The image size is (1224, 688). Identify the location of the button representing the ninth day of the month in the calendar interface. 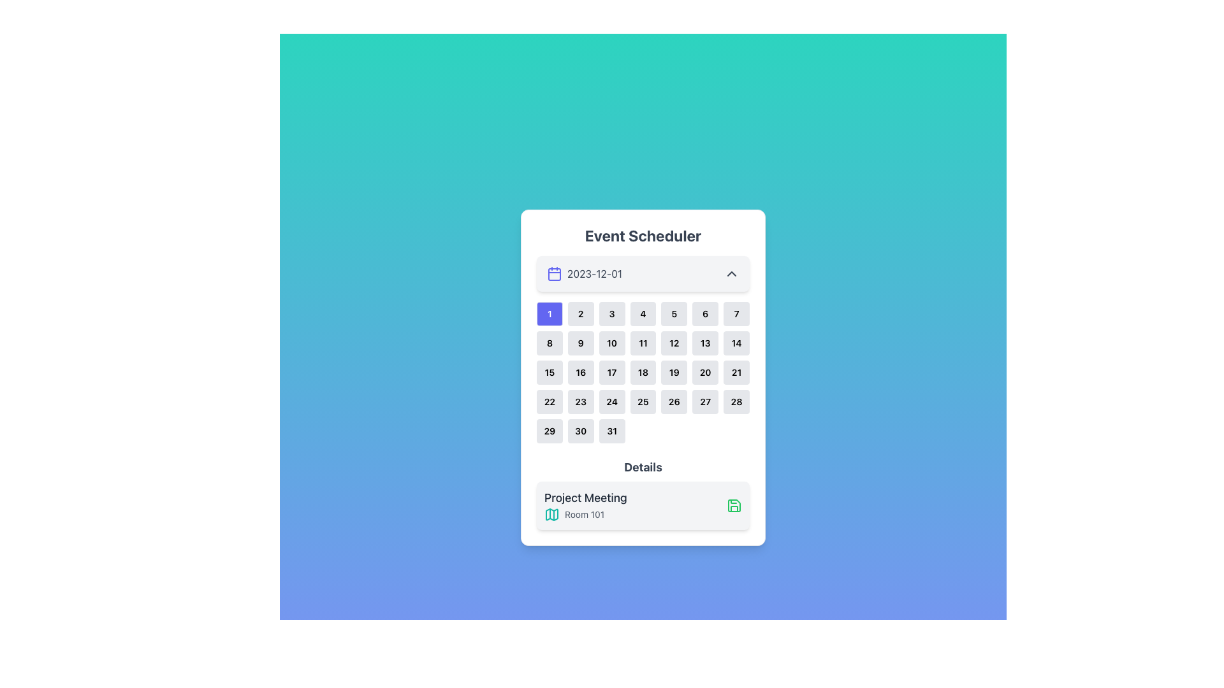
(580, 343).